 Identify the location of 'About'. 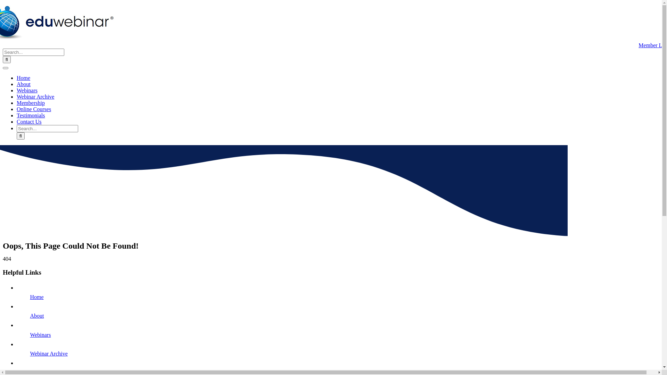
(36, 316).